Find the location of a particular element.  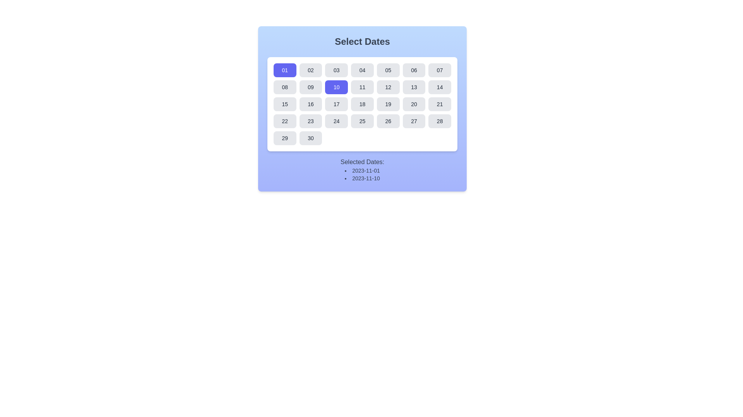

text content displayed for the selected date from the calendar interface, which is the second entry in a bulleted list beneath '2023-11-01' is located at coordinates (362, 178).